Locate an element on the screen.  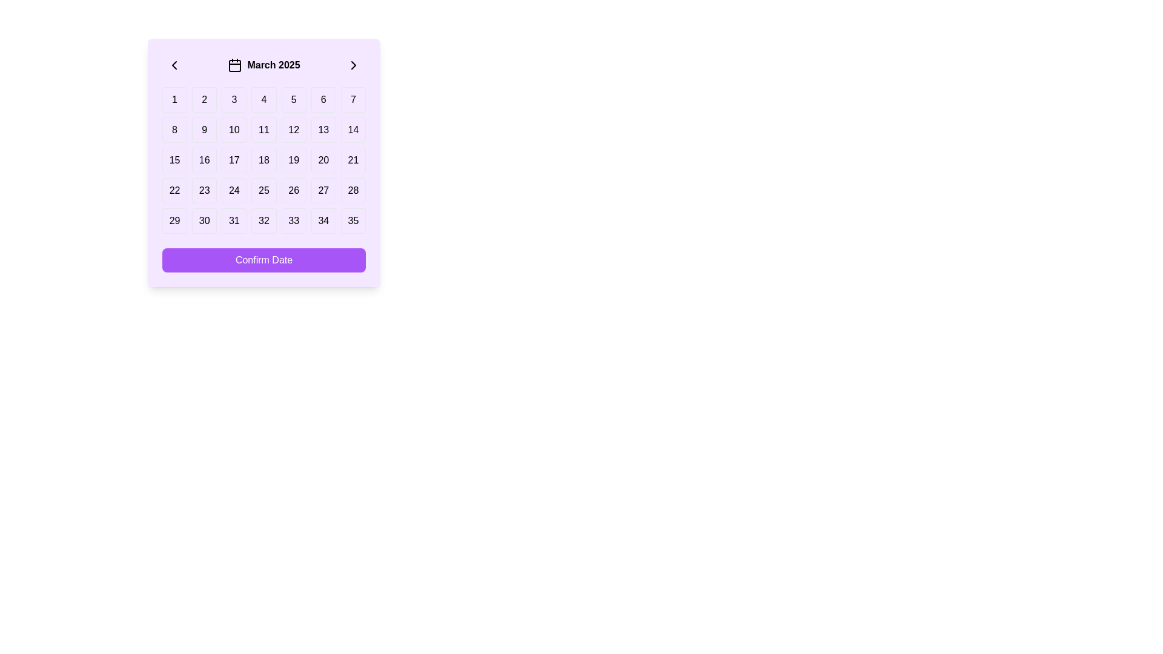
the selectable date button representing the 10th day of March 2025 in the calendar interface is located at coordinates (234, 130).